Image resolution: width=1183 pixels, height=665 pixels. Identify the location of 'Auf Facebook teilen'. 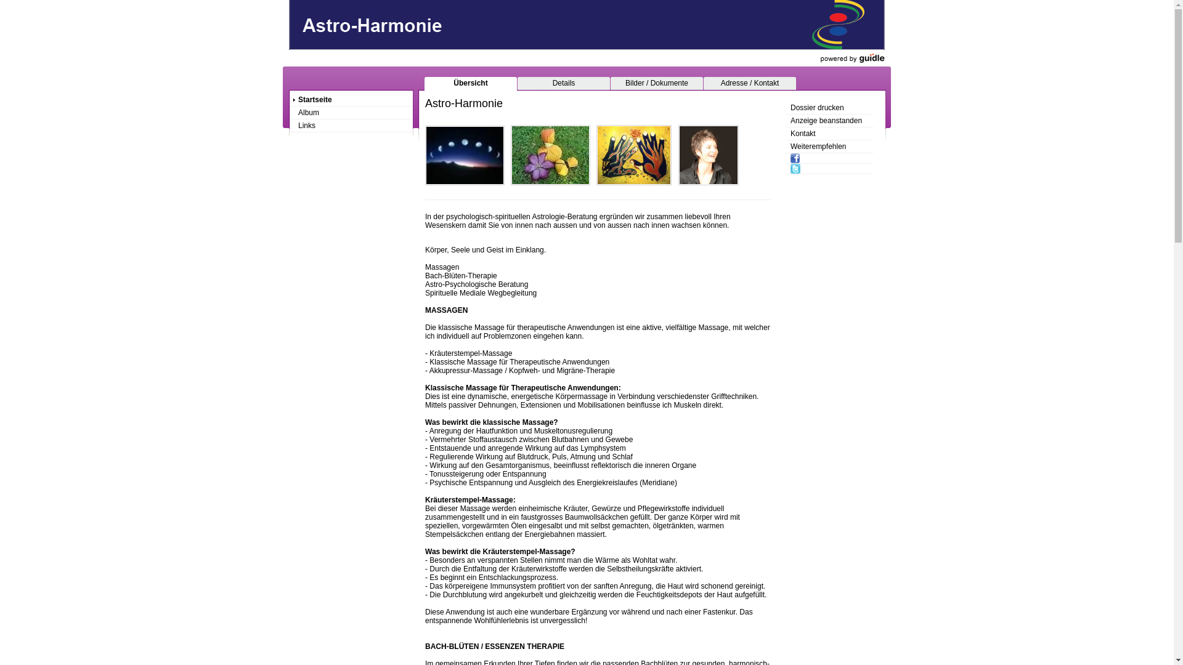
(829, 158).